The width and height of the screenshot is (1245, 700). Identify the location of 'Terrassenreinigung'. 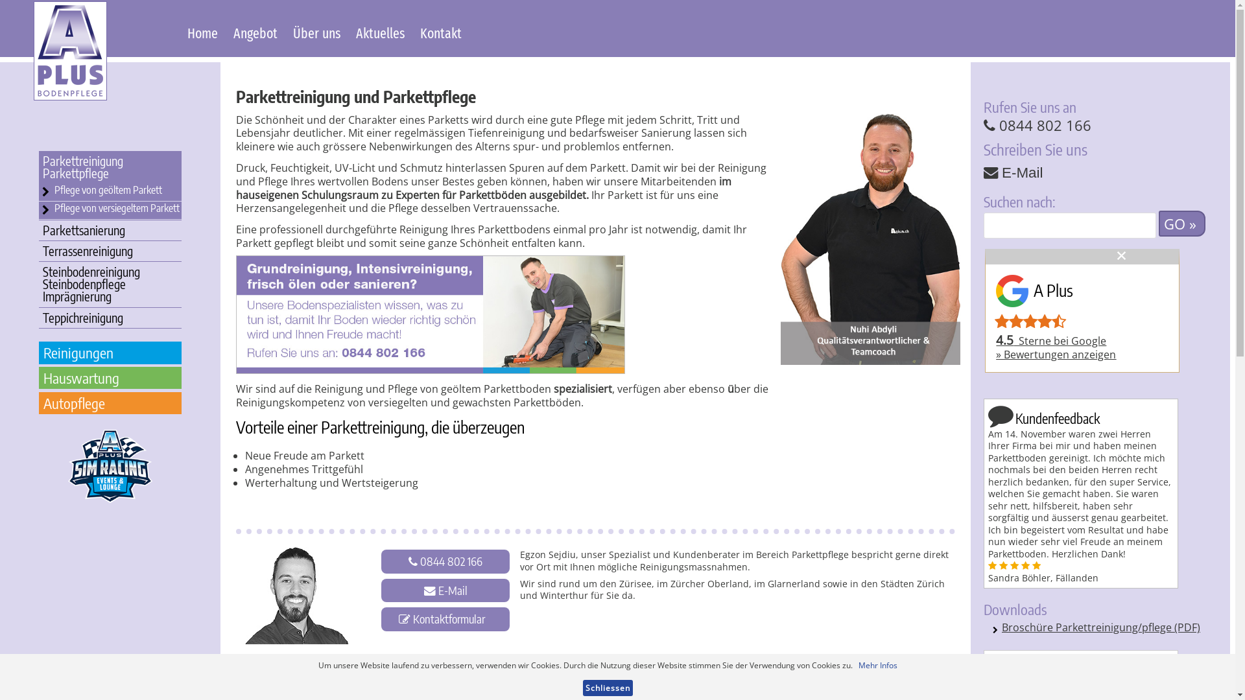
(110, 251).